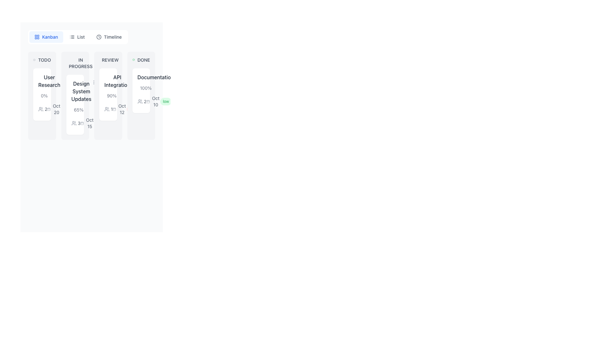 The height and width of the screenshot is (345, 613). I want to click on the Progress indicator text that visually represents the completion status of the task 'User Research', situated in the 'TODO' column, above the date 'Oct 20', so click(42, 96).